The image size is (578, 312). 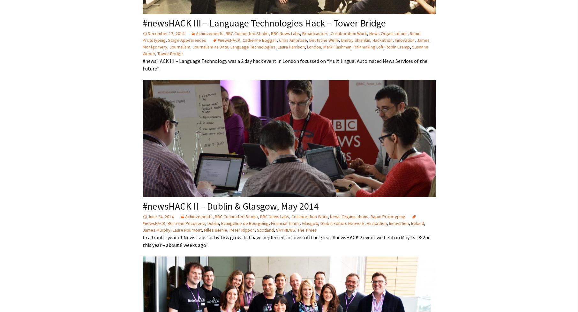 I want to click on 'Mark Flashman', so click(x=337, y=47).